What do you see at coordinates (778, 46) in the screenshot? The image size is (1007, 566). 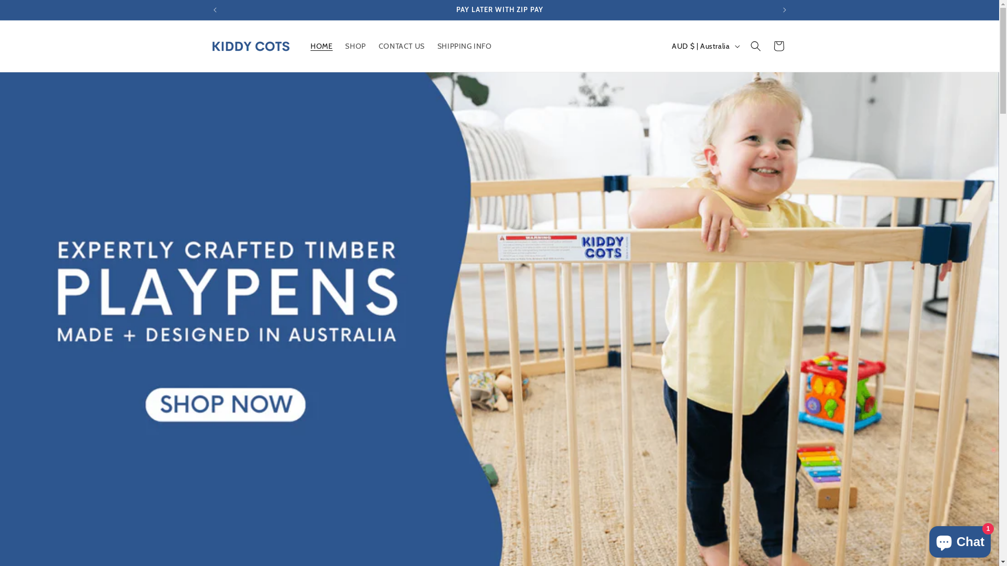 I see `'Cart'` at bounding box center [778, 46].